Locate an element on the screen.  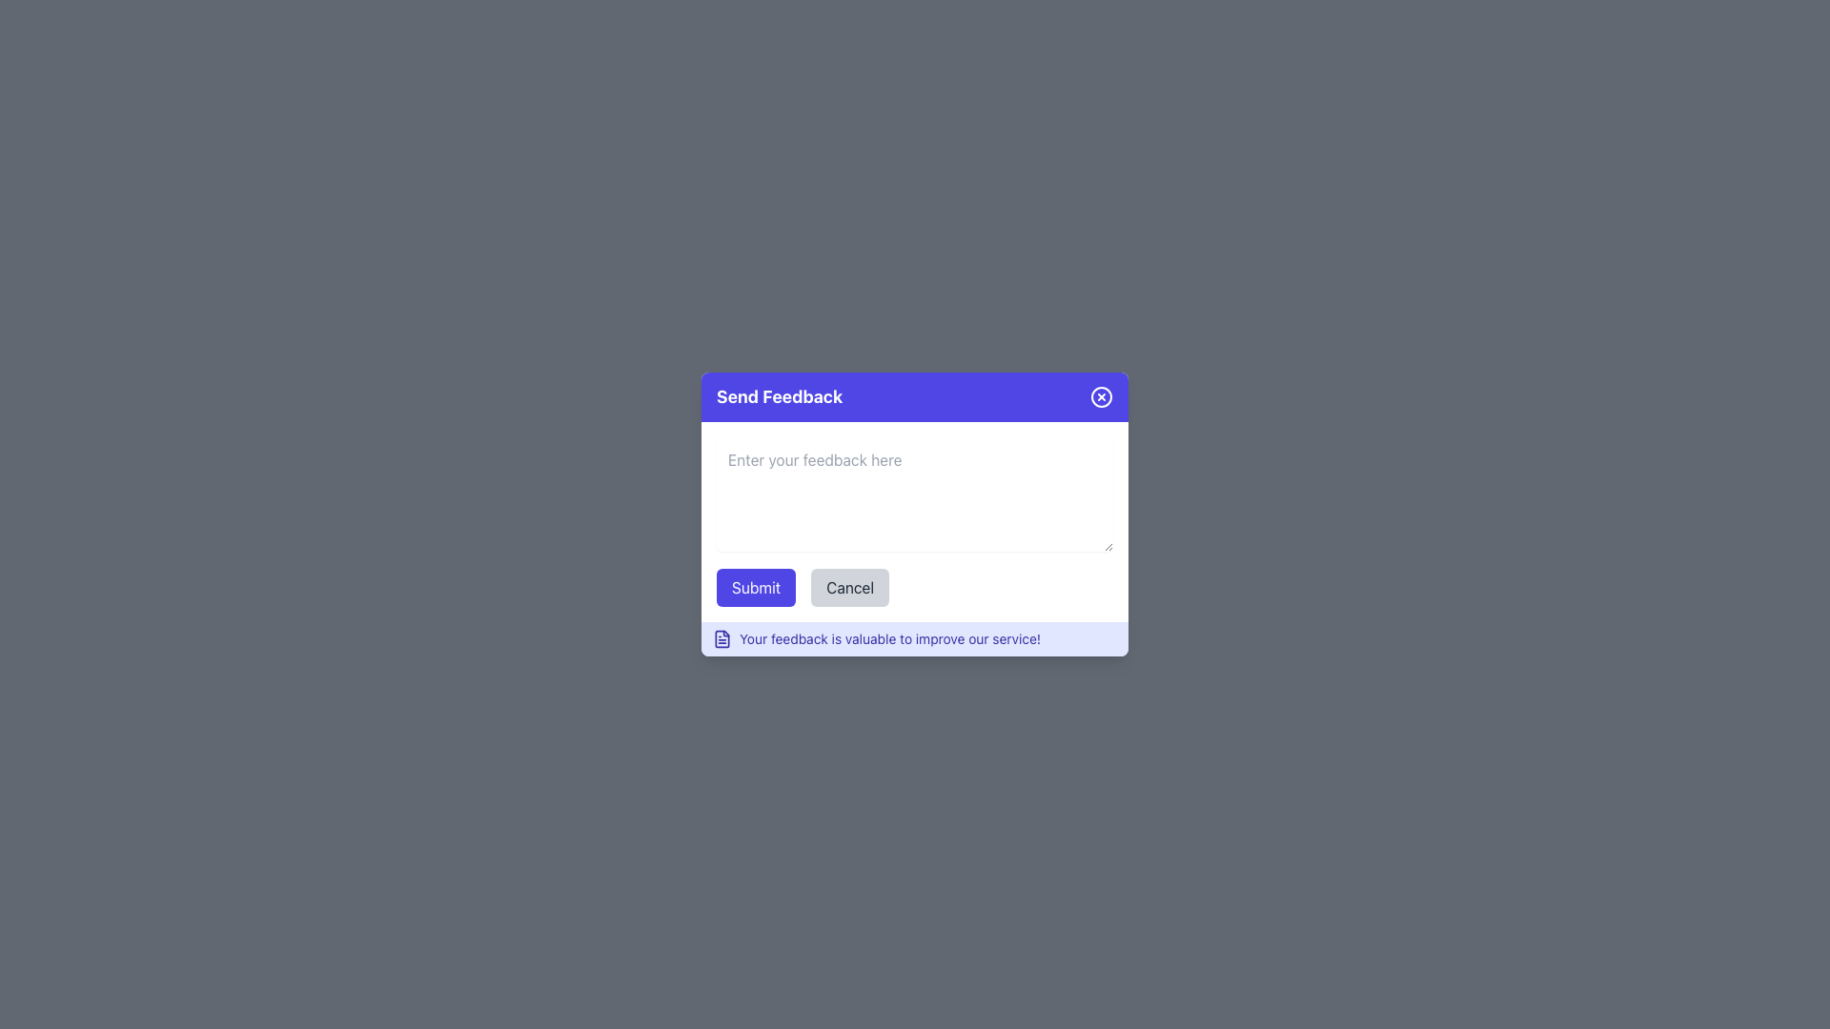
text from the primary header label located on the left side of the header section of the feedback form is located at coordinates (780, 395).